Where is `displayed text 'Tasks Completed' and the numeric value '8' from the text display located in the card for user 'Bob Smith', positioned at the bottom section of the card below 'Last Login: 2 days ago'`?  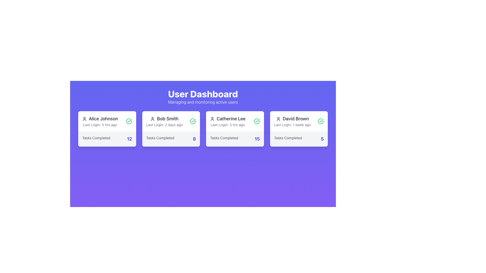 displayed text 'Tasks Completed' and the numeric value '8' from the text display located in the card for user 'Bob Smith', positioned at the bottom section of the card below 'Last Login: 2 days ago' is located at coordinates (171, 139).